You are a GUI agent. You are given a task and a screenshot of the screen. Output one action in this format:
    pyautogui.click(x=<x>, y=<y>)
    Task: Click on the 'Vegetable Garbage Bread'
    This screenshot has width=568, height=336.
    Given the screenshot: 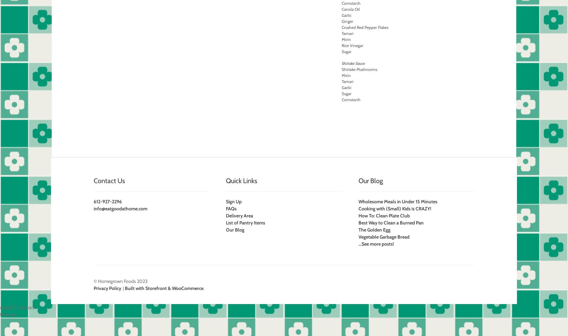 What is the action you would take?
    pyautogui.click(x=358, y=237)
    